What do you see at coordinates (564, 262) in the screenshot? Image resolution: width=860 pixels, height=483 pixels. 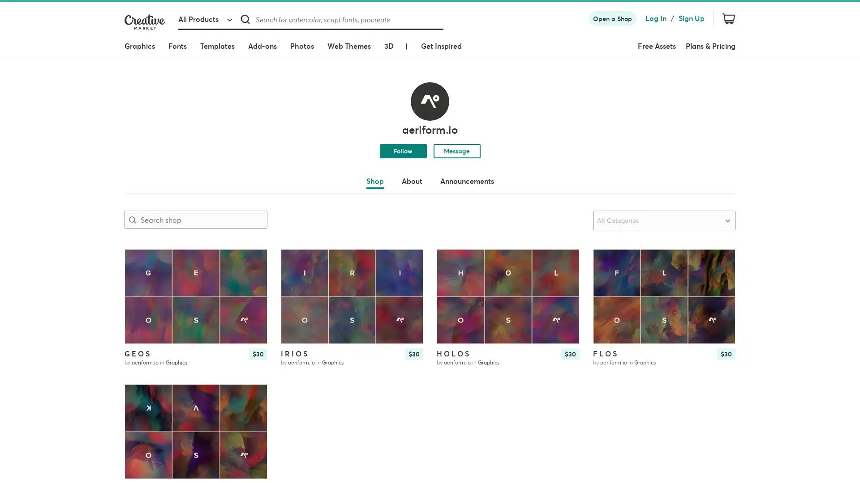 I see `Like` at bounding box center [564, 262].